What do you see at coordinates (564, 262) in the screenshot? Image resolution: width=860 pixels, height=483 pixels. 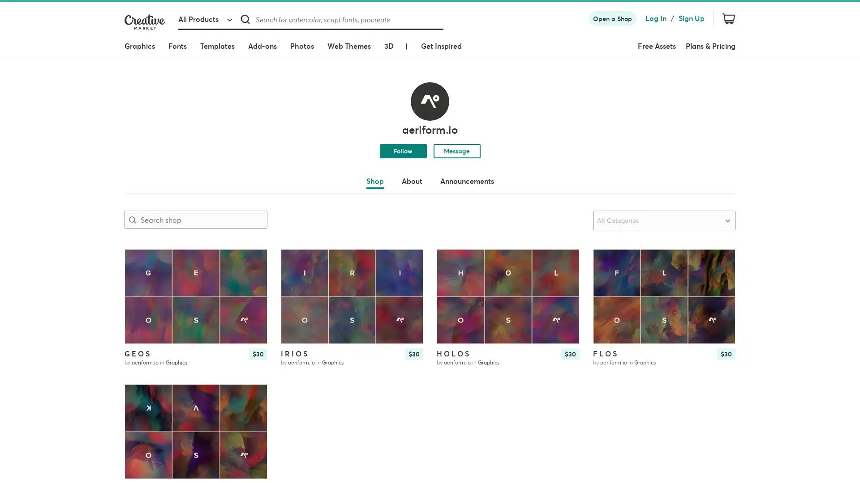 I see `Like` at bounding box center [564, 262].